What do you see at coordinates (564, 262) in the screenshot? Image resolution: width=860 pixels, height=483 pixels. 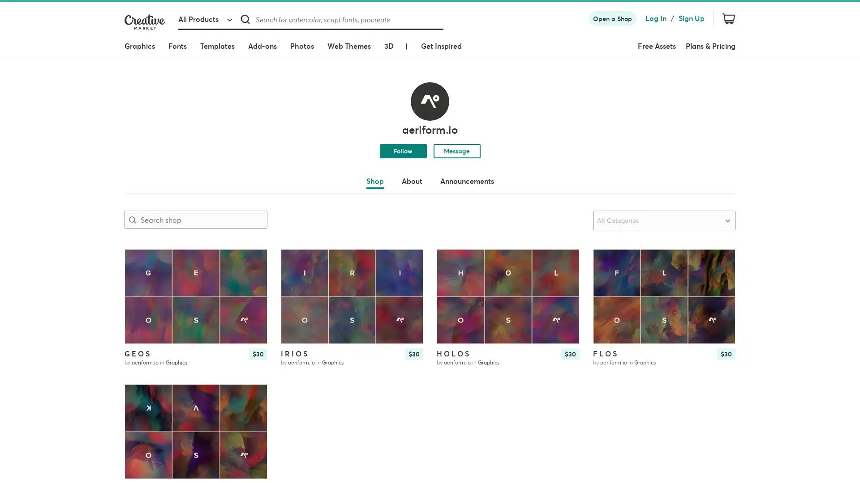 I see `Like` at bounding box center [564, 262].